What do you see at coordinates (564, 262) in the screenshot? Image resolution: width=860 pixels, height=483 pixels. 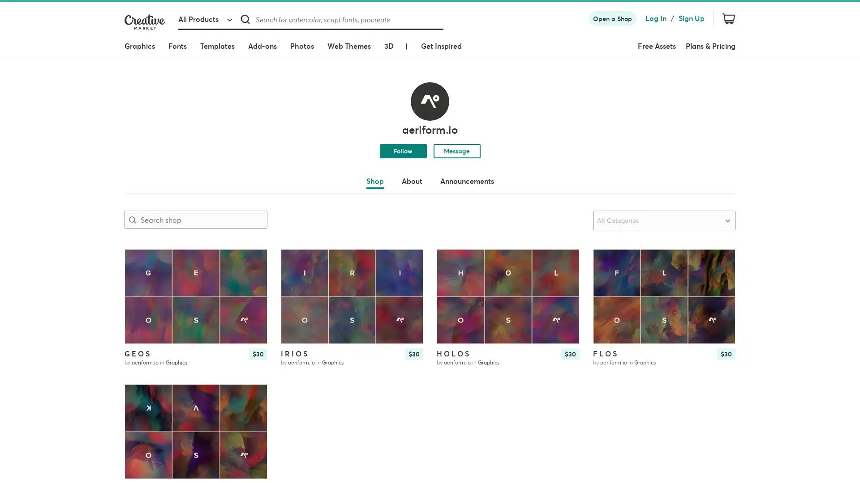 I see `Like` at bounding box center [564, 262].